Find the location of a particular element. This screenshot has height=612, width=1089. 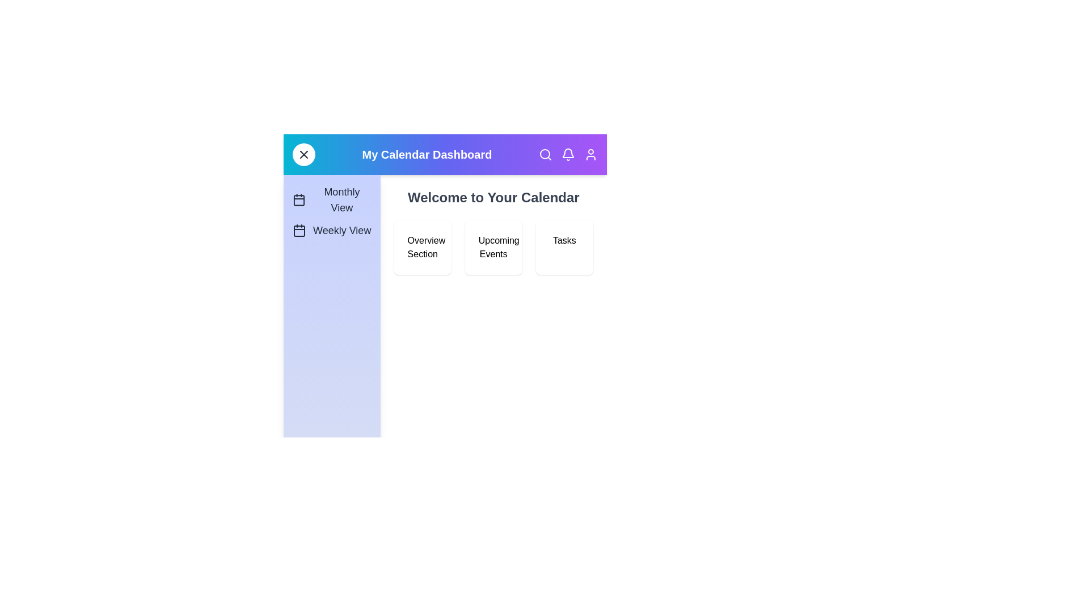

the white circular button with a dark gray 'X' icon located at the upper left of the purple-blue gradient navigation bar titled 'My Calendar Dashboard' is located at coordinates (304, 155).